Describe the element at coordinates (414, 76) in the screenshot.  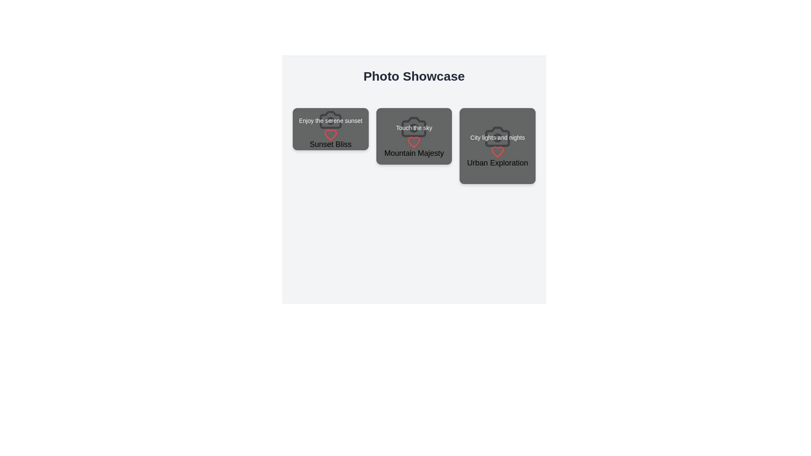
I see `the prominently styled text label reading 'Photo Showcase' displayed in a large bold font, centered at the top of the interface` at that location.